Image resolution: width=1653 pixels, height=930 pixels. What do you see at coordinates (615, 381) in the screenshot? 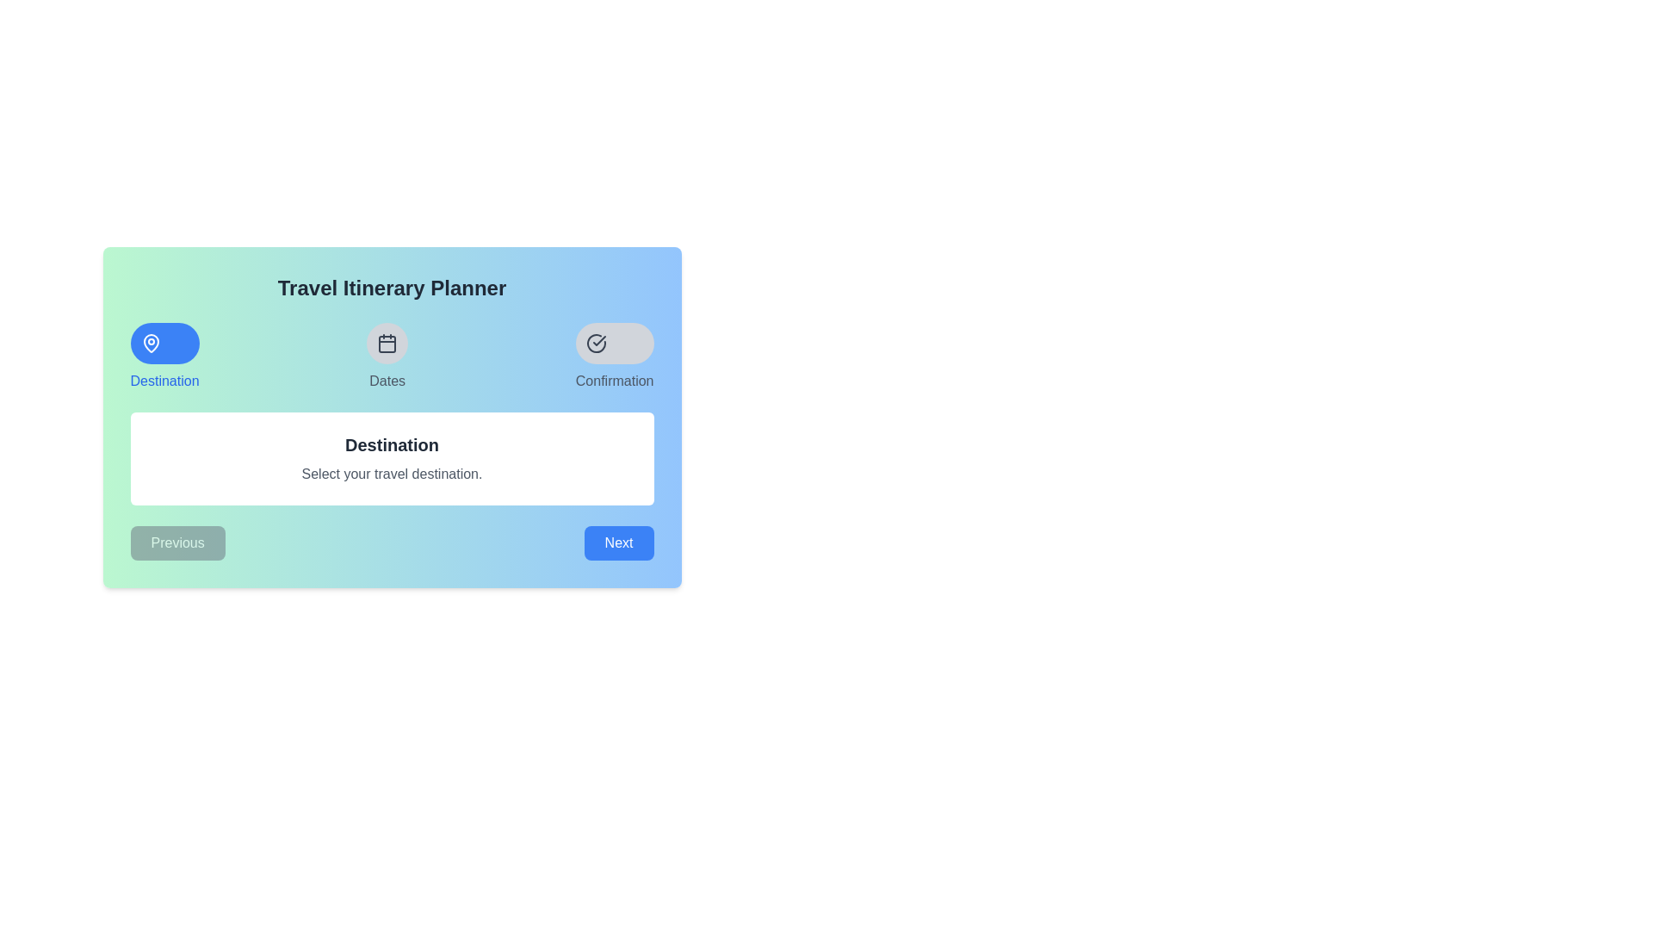
I see `the text label that indicates the purpose of the button above it, located in the upper-right side of the interface, directly beneath the round icon` at bounding box center [615, 381].